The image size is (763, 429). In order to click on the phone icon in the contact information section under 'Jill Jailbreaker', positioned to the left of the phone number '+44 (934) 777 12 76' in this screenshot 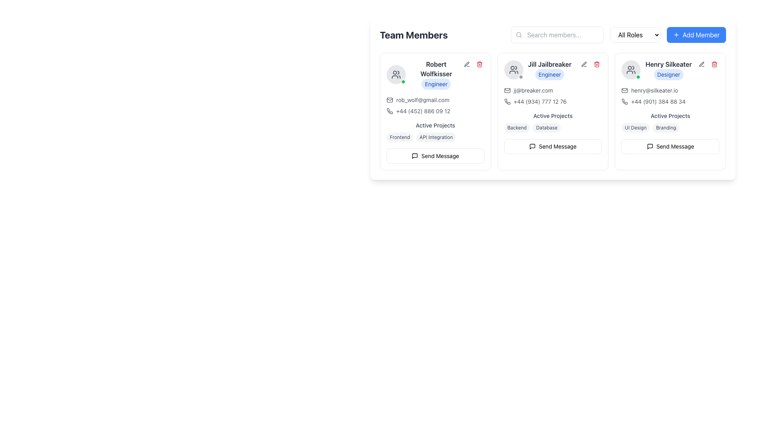, I will do `click(507, 101)`.